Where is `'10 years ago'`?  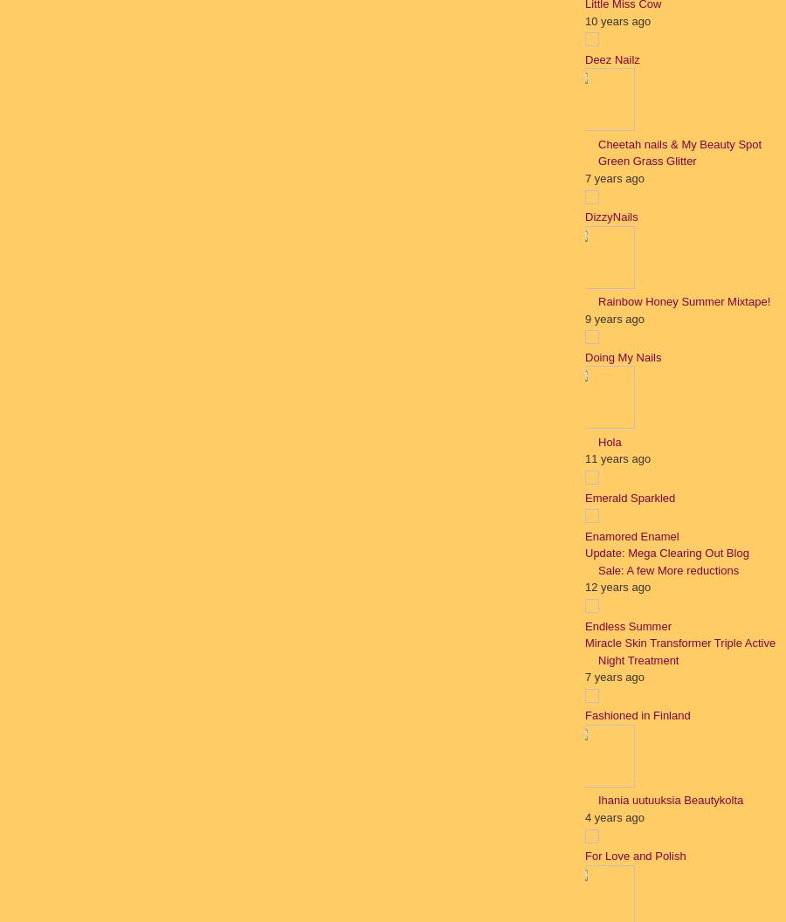
'10 years ago' is located at coordinates (617, 20).